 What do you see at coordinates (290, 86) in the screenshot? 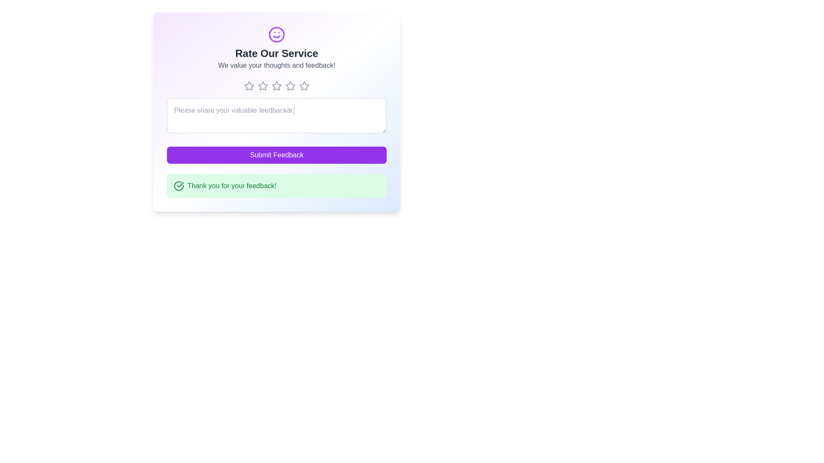
I see `the third star in the interactive rating icon` at bounding box center [290, 86].